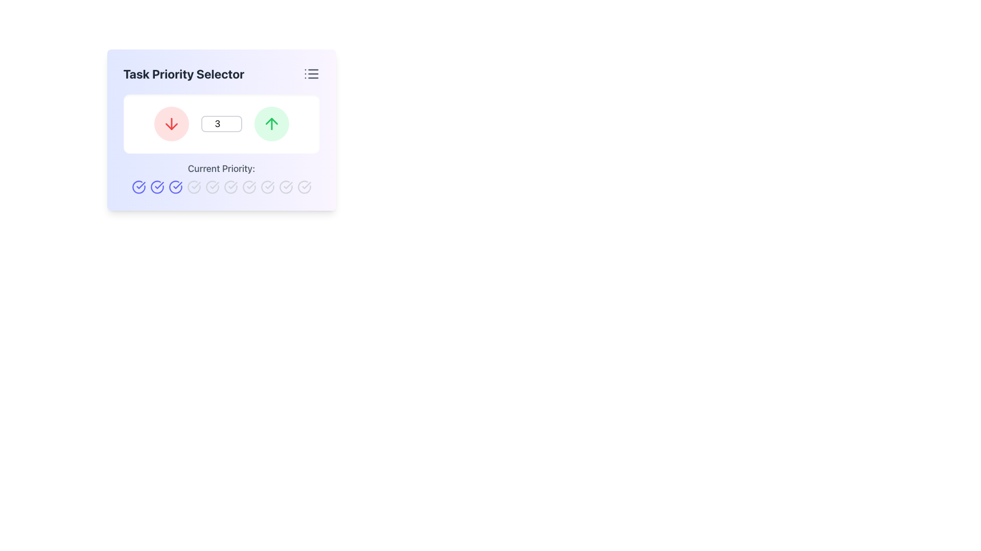 The width and height of the screenshot is (981, 551). I want to click on the sixth circular icon in the horizontal sequence under the 'Current Priority:' label, which serves as a placeholder for setting a priority level, so click(212, 187).